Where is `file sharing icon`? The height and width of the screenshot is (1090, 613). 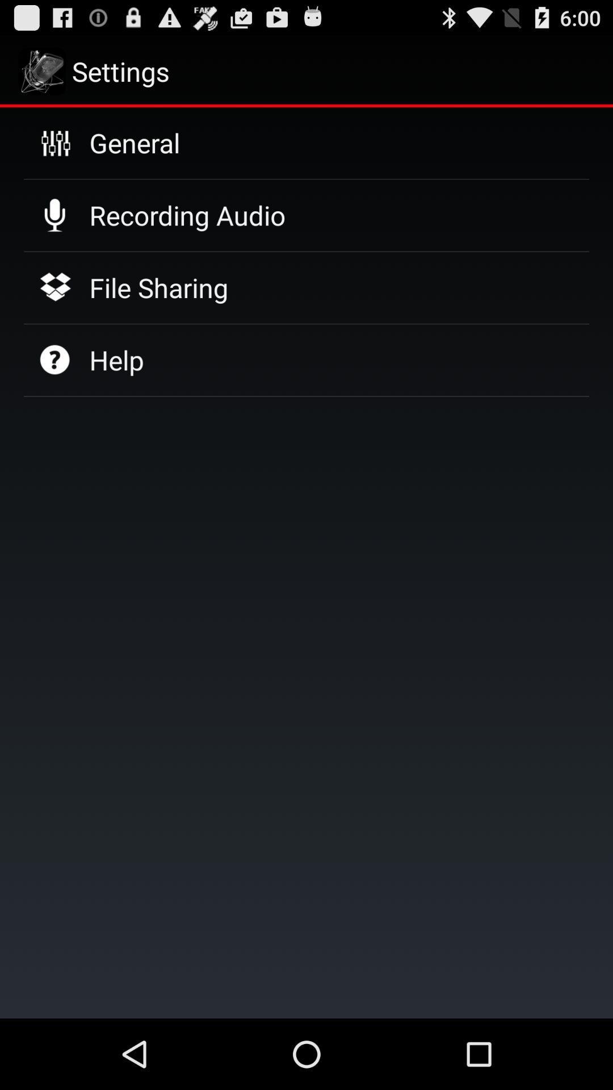
file sharing icon is located at coordinates (158, 287).